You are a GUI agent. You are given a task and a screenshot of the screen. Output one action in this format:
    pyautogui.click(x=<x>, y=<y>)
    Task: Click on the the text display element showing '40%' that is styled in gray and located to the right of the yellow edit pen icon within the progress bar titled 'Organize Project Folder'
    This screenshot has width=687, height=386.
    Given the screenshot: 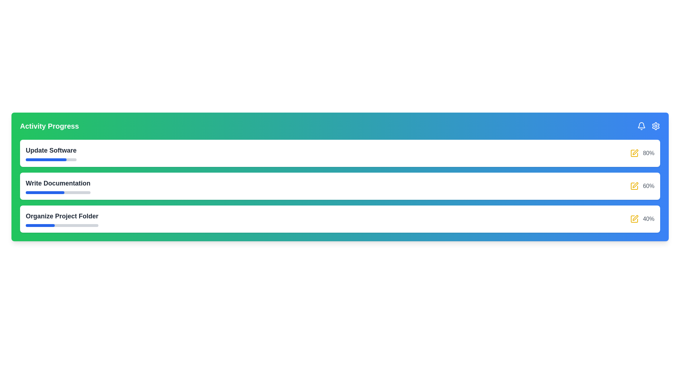 What is the action you would take?
    pyautogui.click(x=649, y=219)
    